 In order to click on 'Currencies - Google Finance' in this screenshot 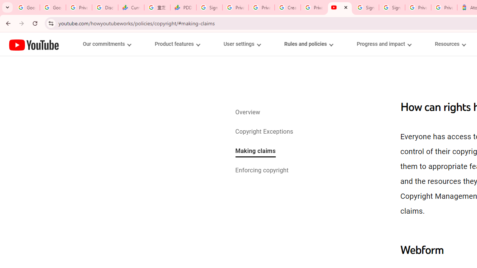, I will do `click(131, 7)`.